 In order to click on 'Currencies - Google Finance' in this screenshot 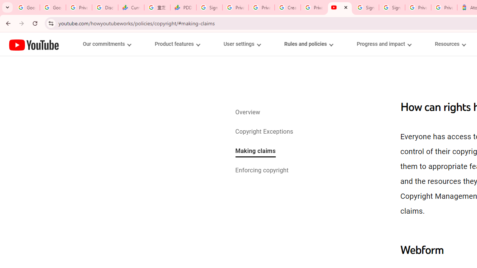, I will do `click(131, 7)`.